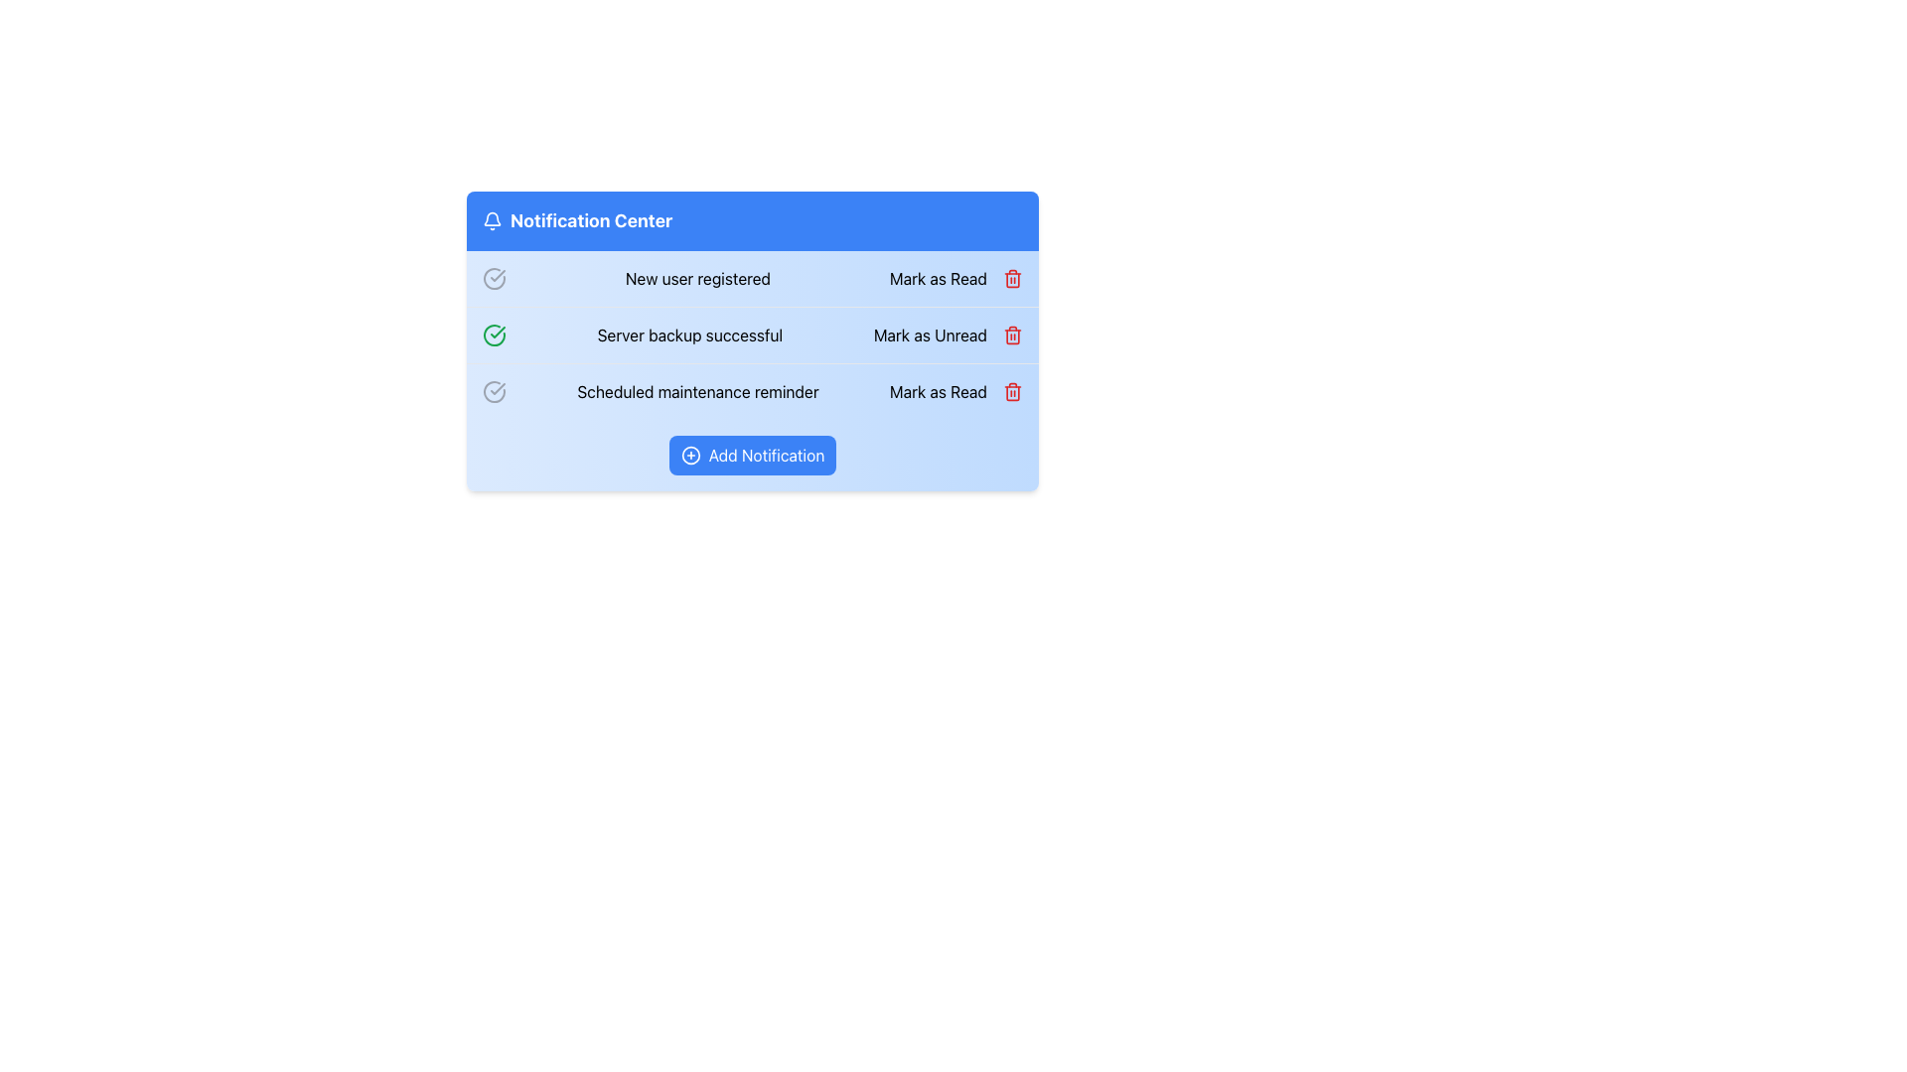  Describe the element at coordinates (690, 456) in the screenshot. I see `the SVG Circle that visually contains the plus icon for adding new notifications, located at the bottom center of the notification panel` at that location.